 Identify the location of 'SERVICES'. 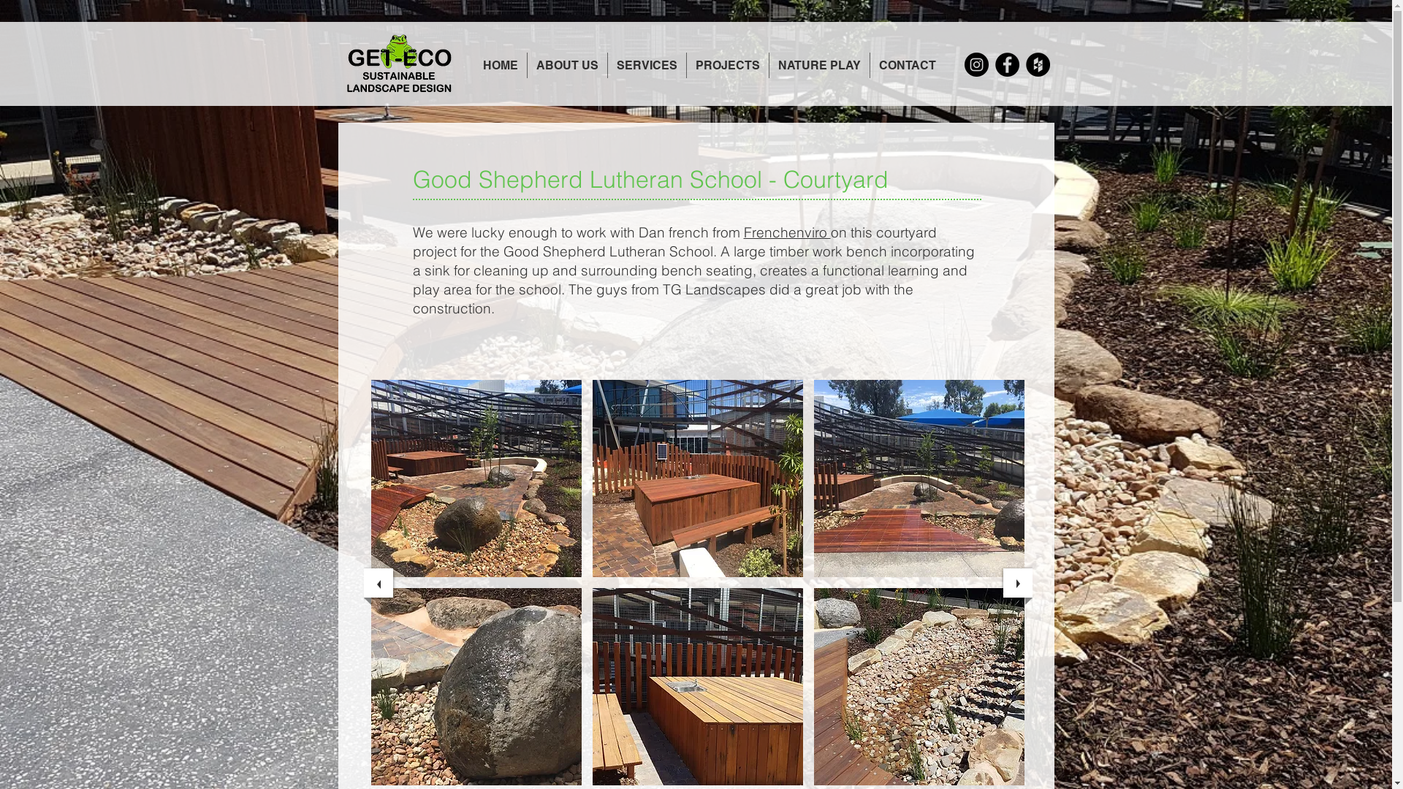
(646, 64).